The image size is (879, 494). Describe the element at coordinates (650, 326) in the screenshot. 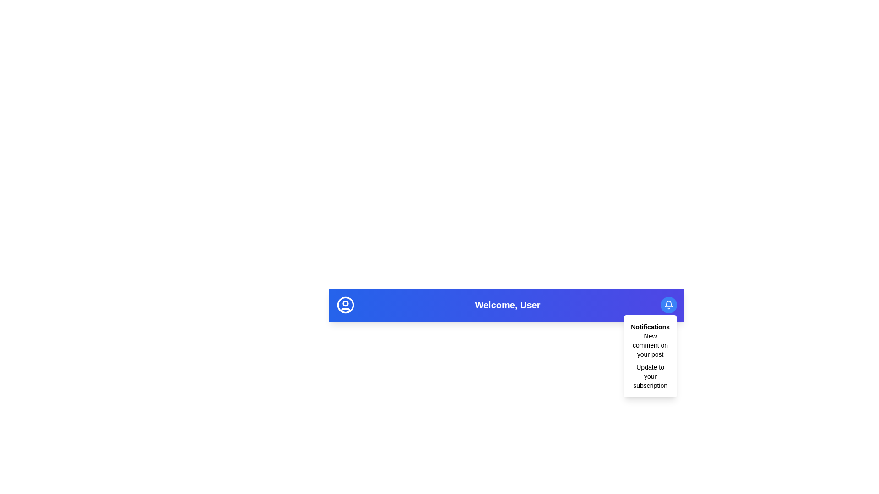

I see `the 'Notifications' text label located at the top of the notification dropdown menu in the top-right corner of the interface` at that location.